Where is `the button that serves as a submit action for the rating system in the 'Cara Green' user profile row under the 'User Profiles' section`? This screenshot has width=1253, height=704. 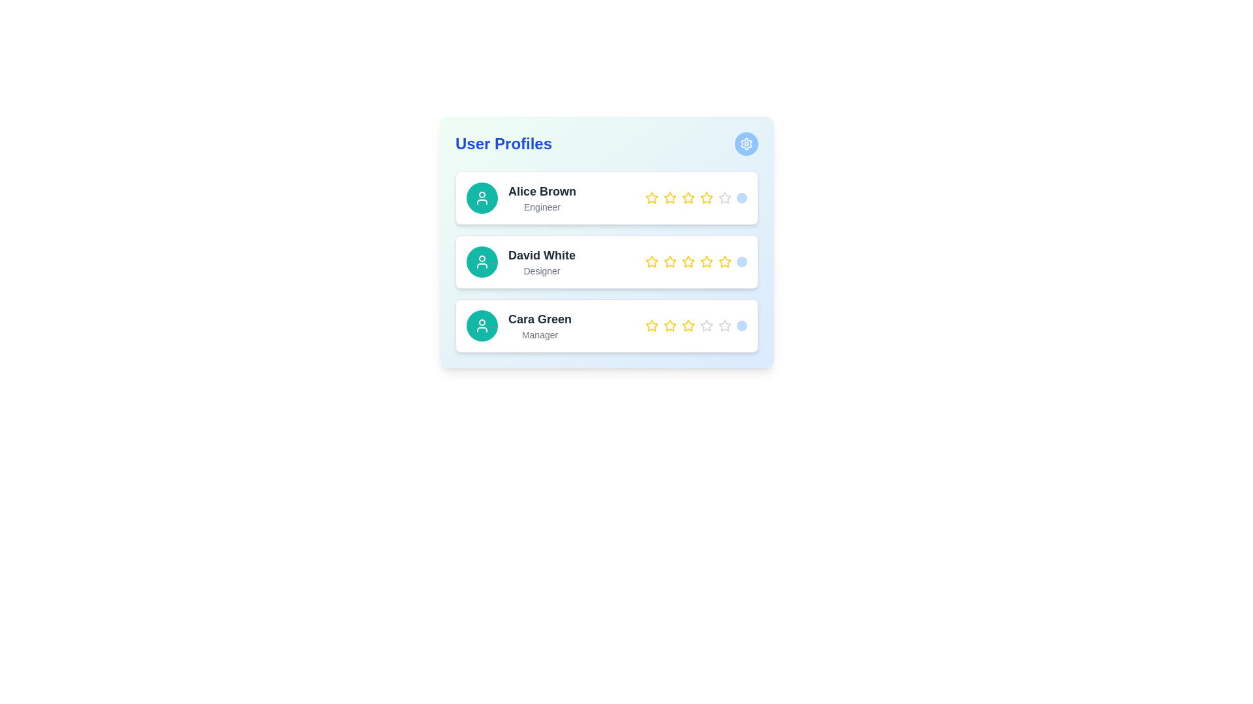 the button that serves as a submit action for the rating system in the 'Cara Green' user profile row under the 'User Profiles' section is located at coordinates (742, 325).